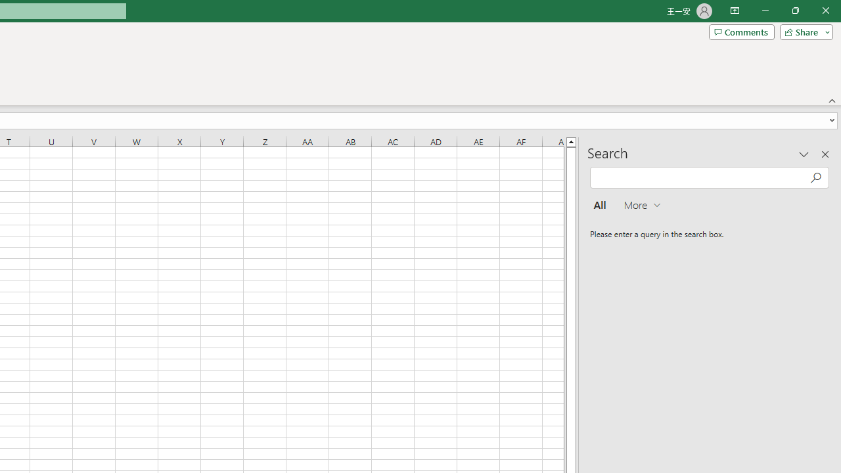 This screenshot has width=841, height=473. Describe the element at coordinates (825, 11) in the screenshot. I see `'Close'` at that location.